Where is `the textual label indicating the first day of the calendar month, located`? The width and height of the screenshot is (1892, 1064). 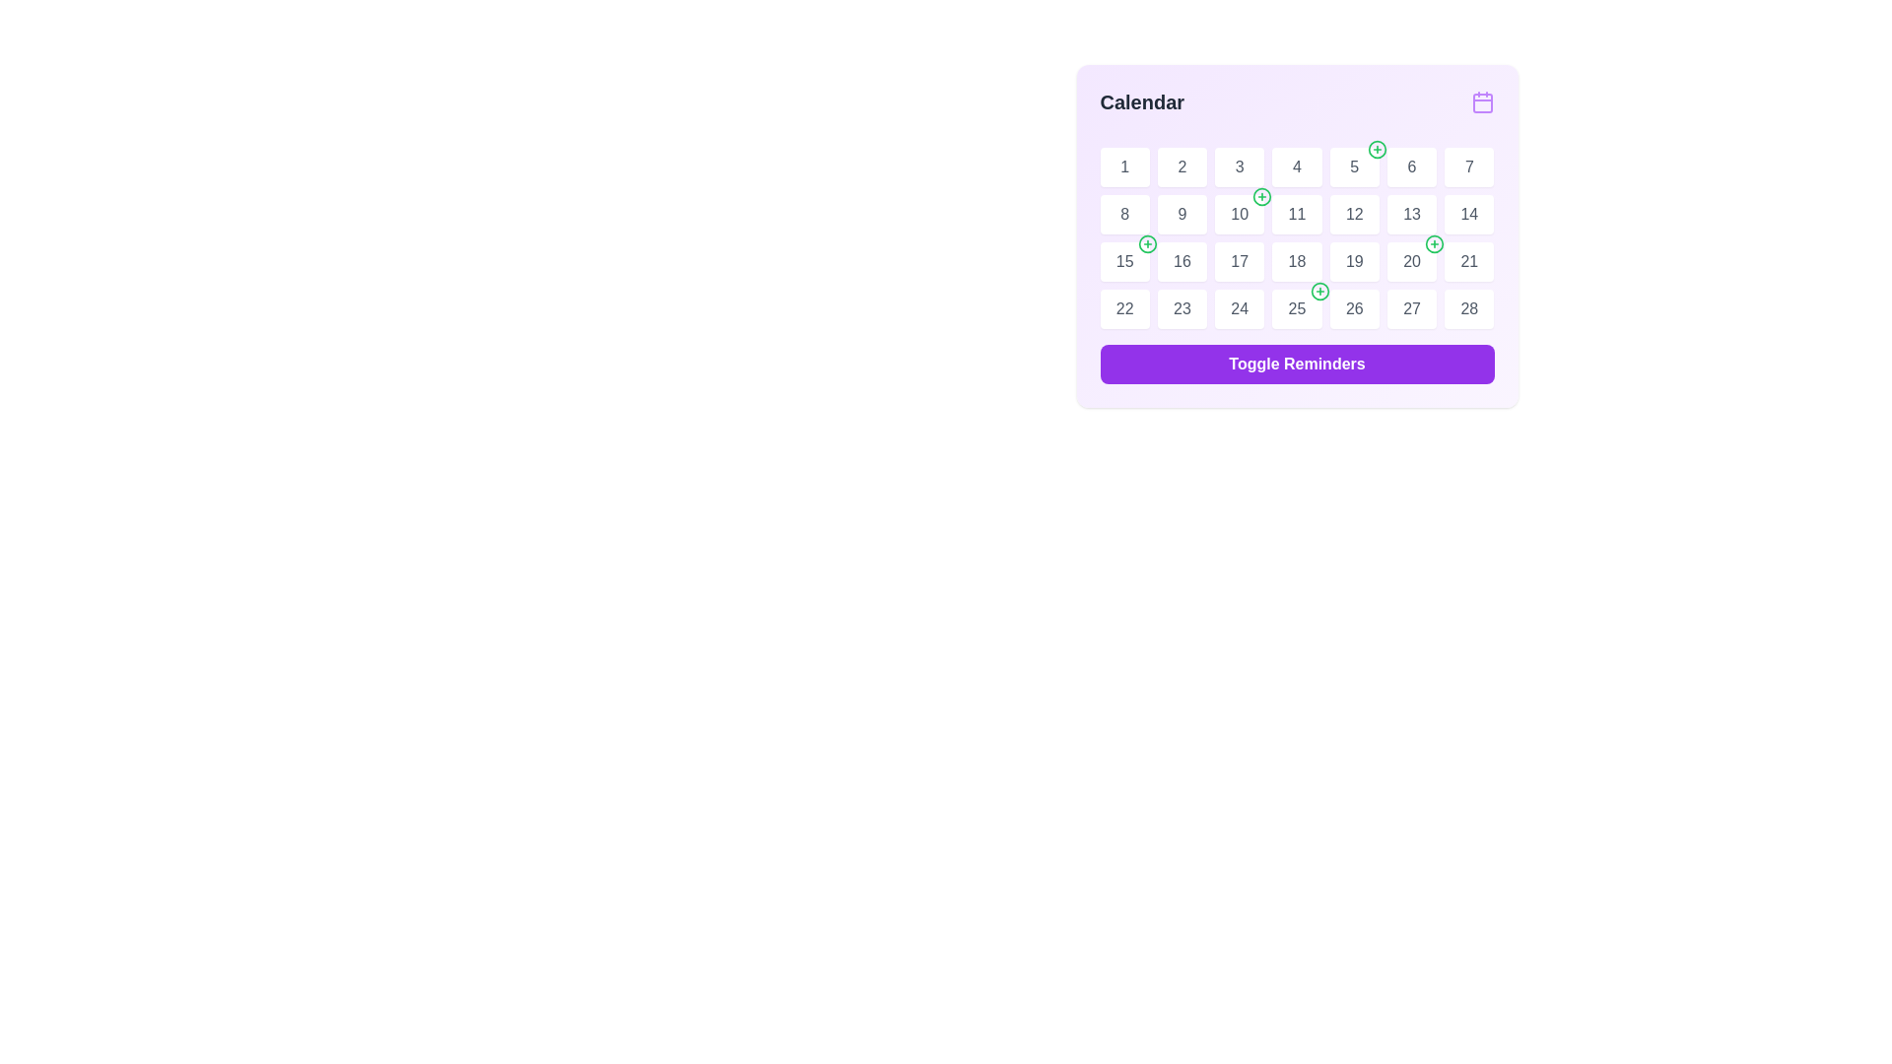
the textual label indicating the first day of the calendar month, located is located at coordinates (1124, 166).